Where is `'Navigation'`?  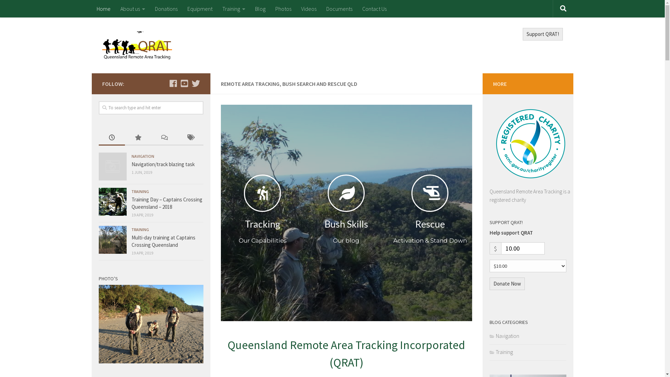 'Navigation' is located at coordinates (504, 335).